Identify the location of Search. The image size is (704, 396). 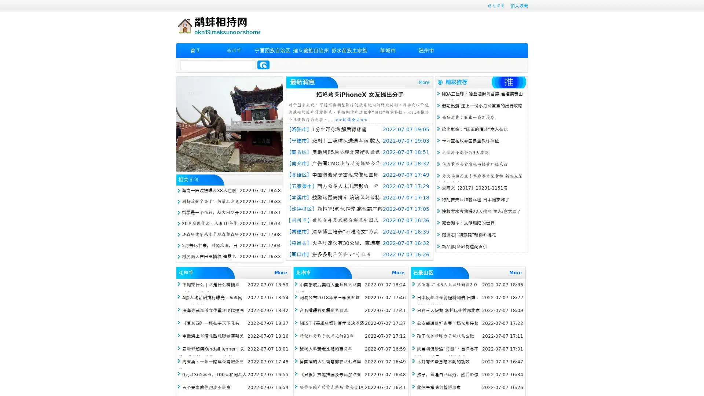
(263, 65).